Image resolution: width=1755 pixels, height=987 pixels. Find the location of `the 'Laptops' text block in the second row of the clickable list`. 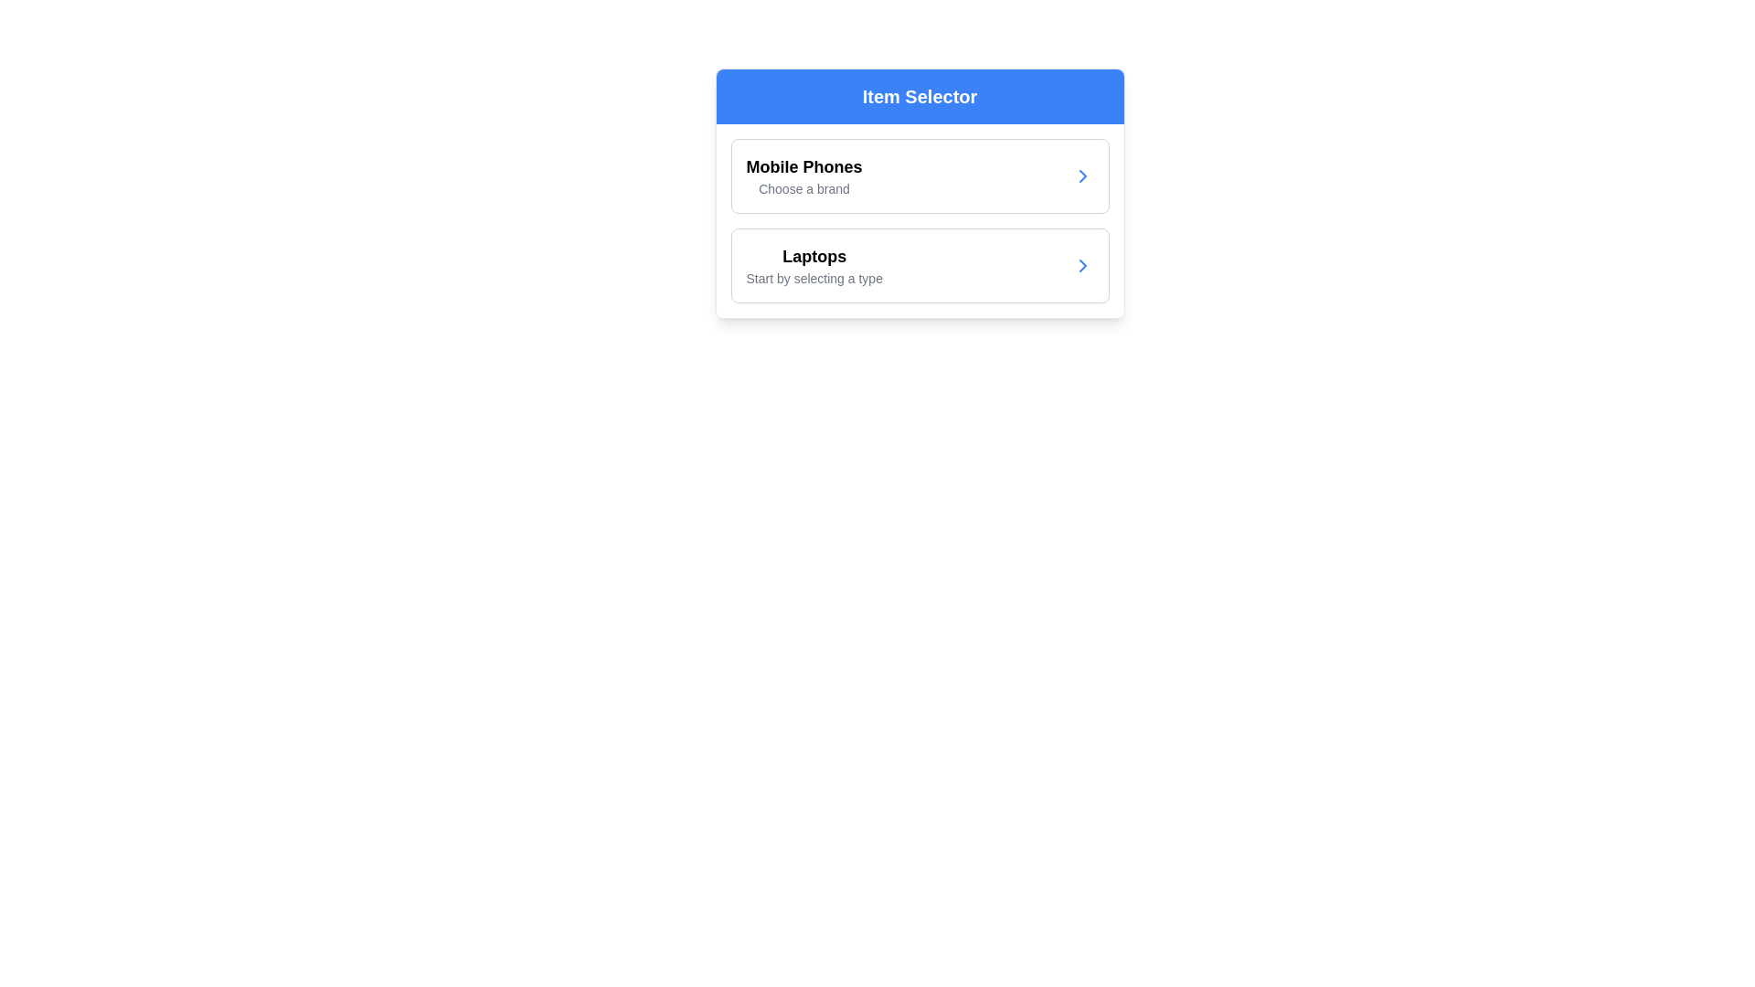

the 'Laptops' text block in the second row of the clickable list is located at coordinates (814, 265).